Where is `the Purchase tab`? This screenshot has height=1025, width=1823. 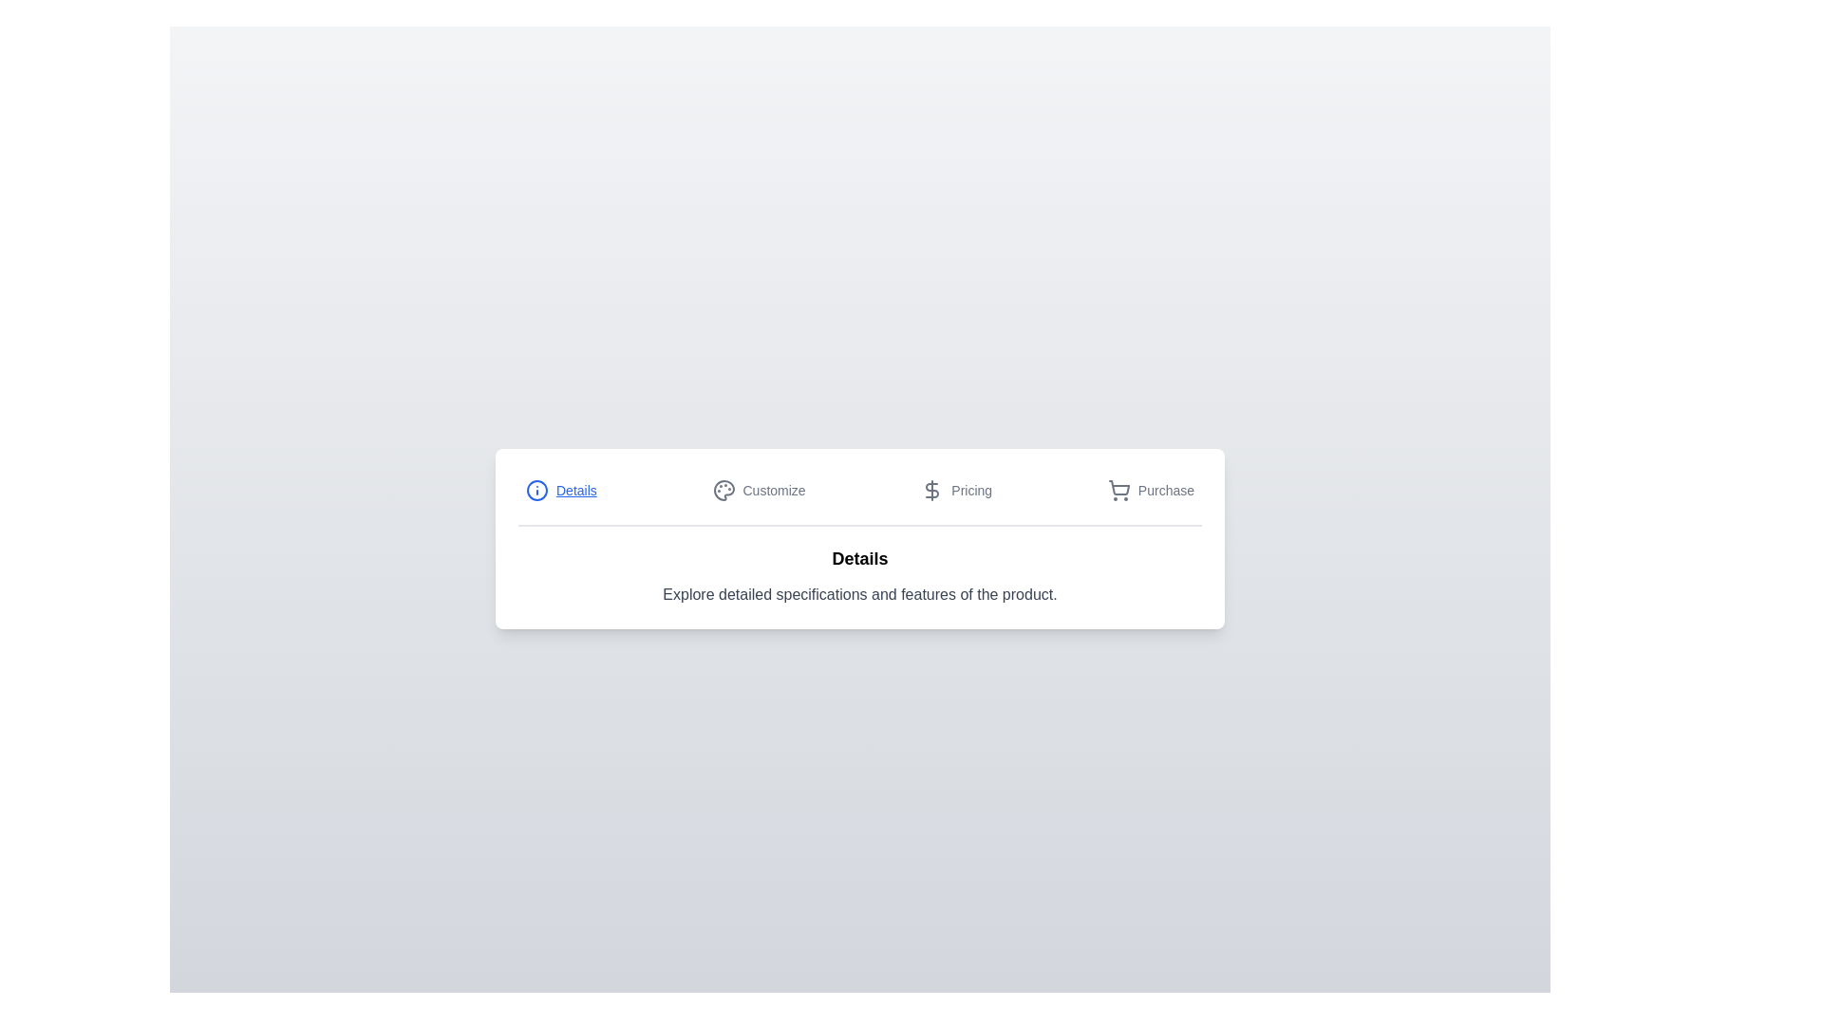 the Purchase tab is located at coordinates (1149, 489).